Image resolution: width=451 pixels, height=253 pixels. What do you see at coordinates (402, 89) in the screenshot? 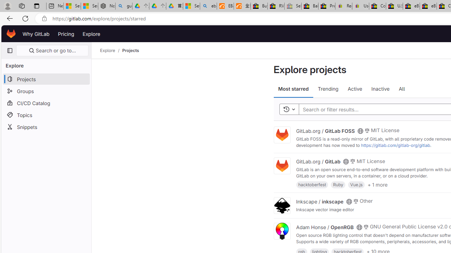
I see `'All'` at bounding box center [402, 89].